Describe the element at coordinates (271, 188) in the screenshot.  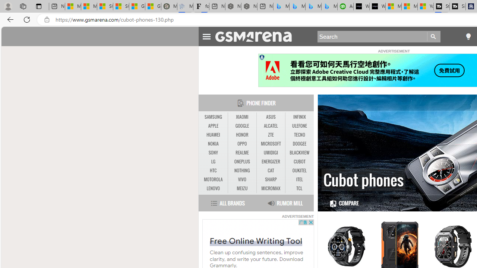
I see `'MICROMAX'` at that location.